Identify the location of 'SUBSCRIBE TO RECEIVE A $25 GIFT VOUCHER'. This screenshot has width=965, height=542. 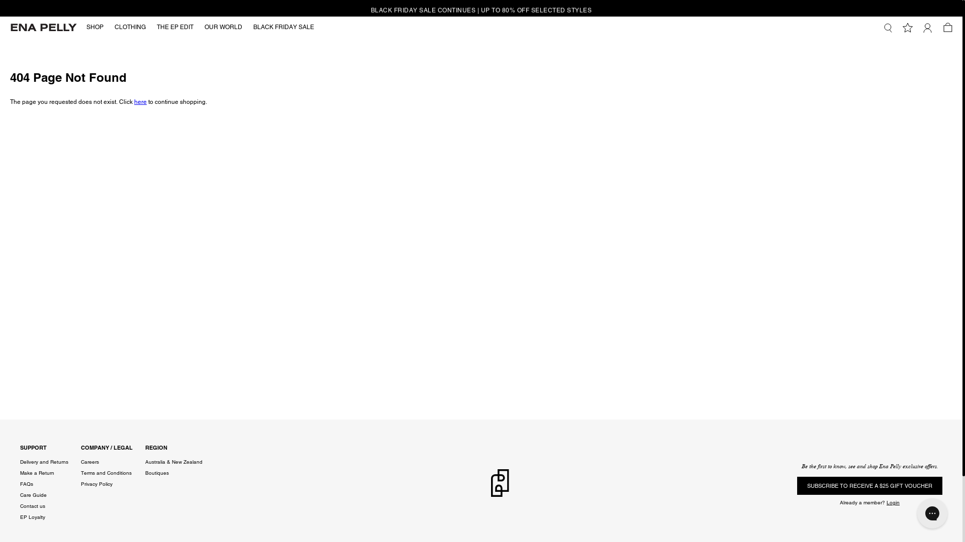
(869, 485).